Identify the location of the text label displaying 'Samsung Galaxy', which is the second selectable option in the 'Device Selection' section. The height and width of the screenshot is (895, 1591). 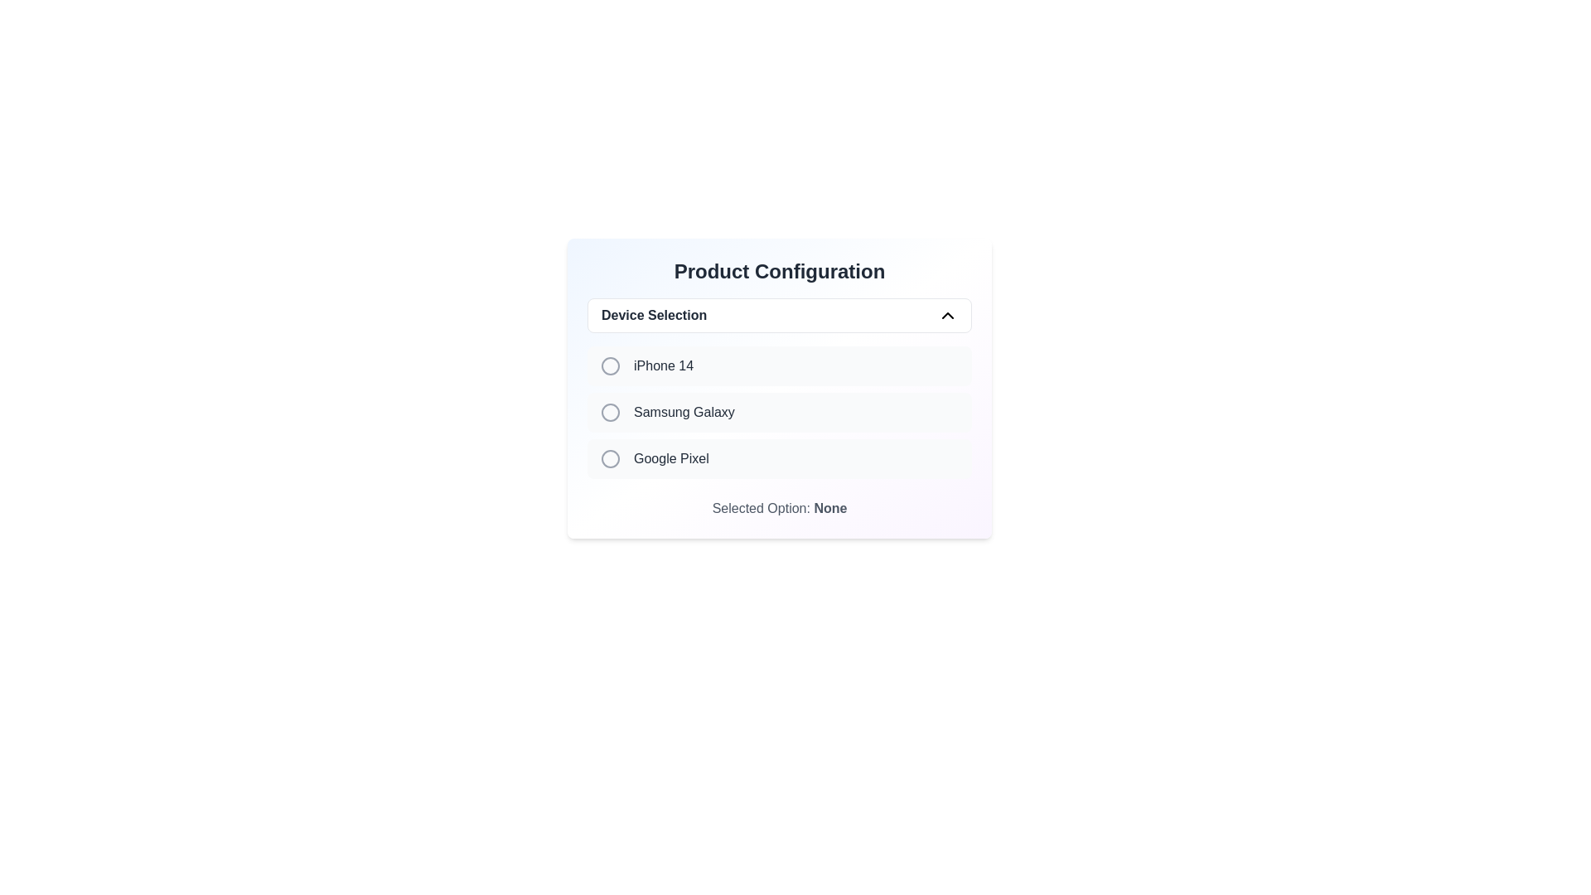
(684, 411).